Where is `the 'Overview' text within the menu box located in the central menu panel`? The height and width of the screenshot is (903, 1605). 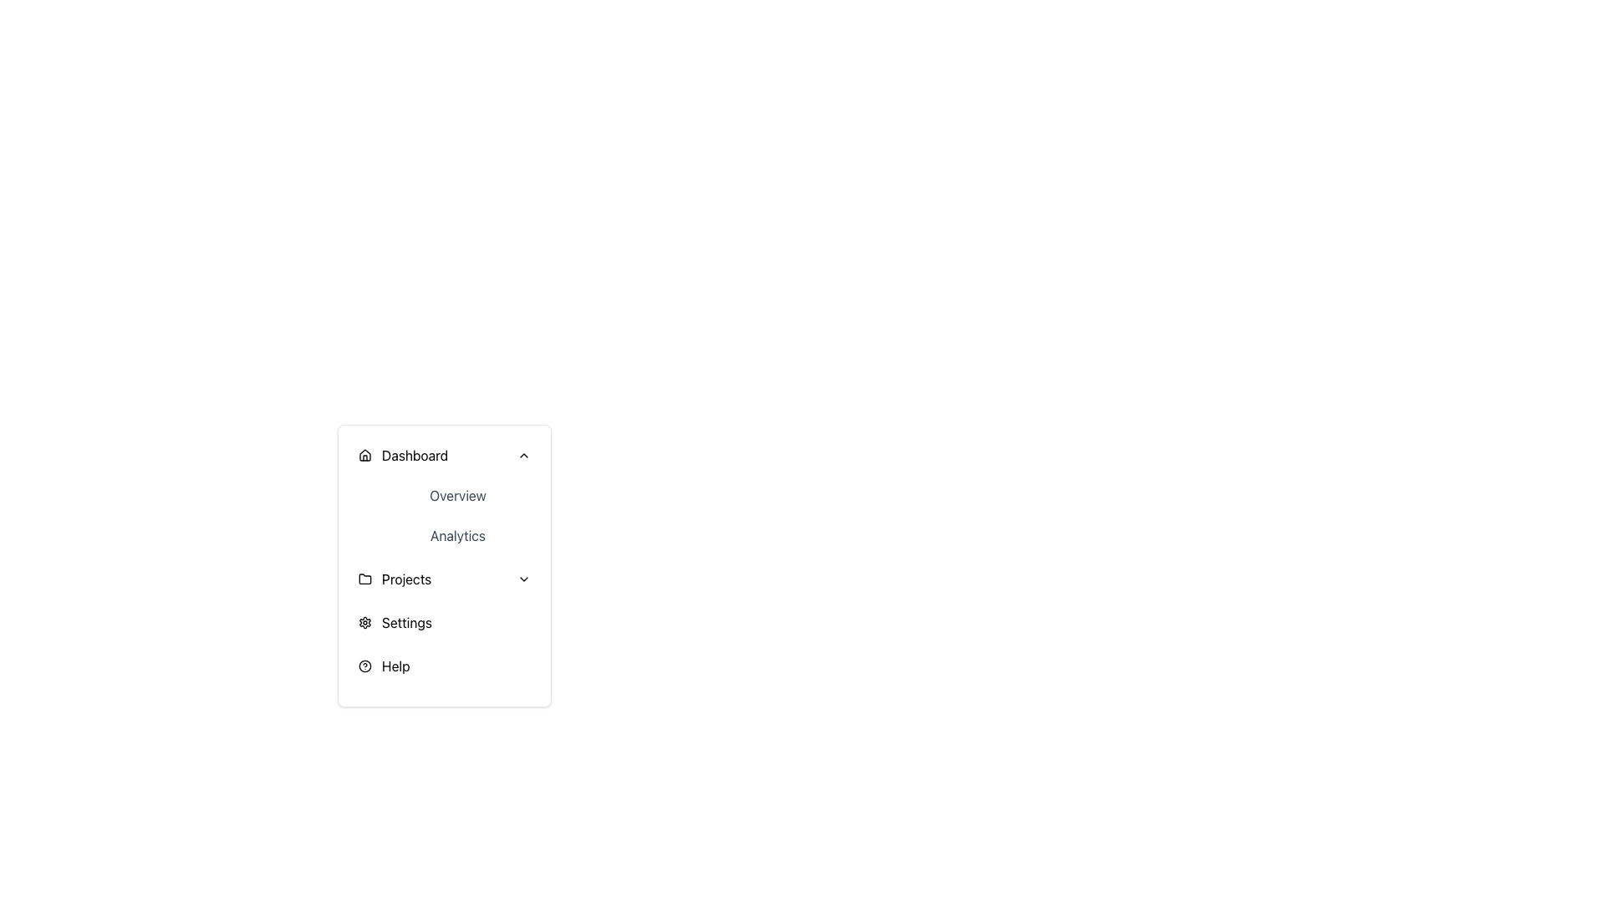
the 'Overview' text within the menu box located in the central menu panel is located at coordinates (445, 495).